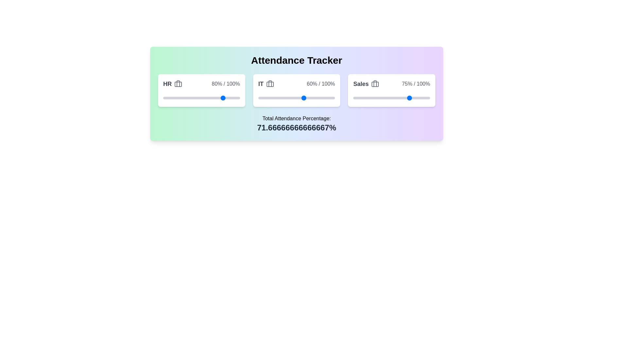 Image resolution: width=628 pixels, height=353 pixels. I want to click on the slider's value, so click(418, 98).